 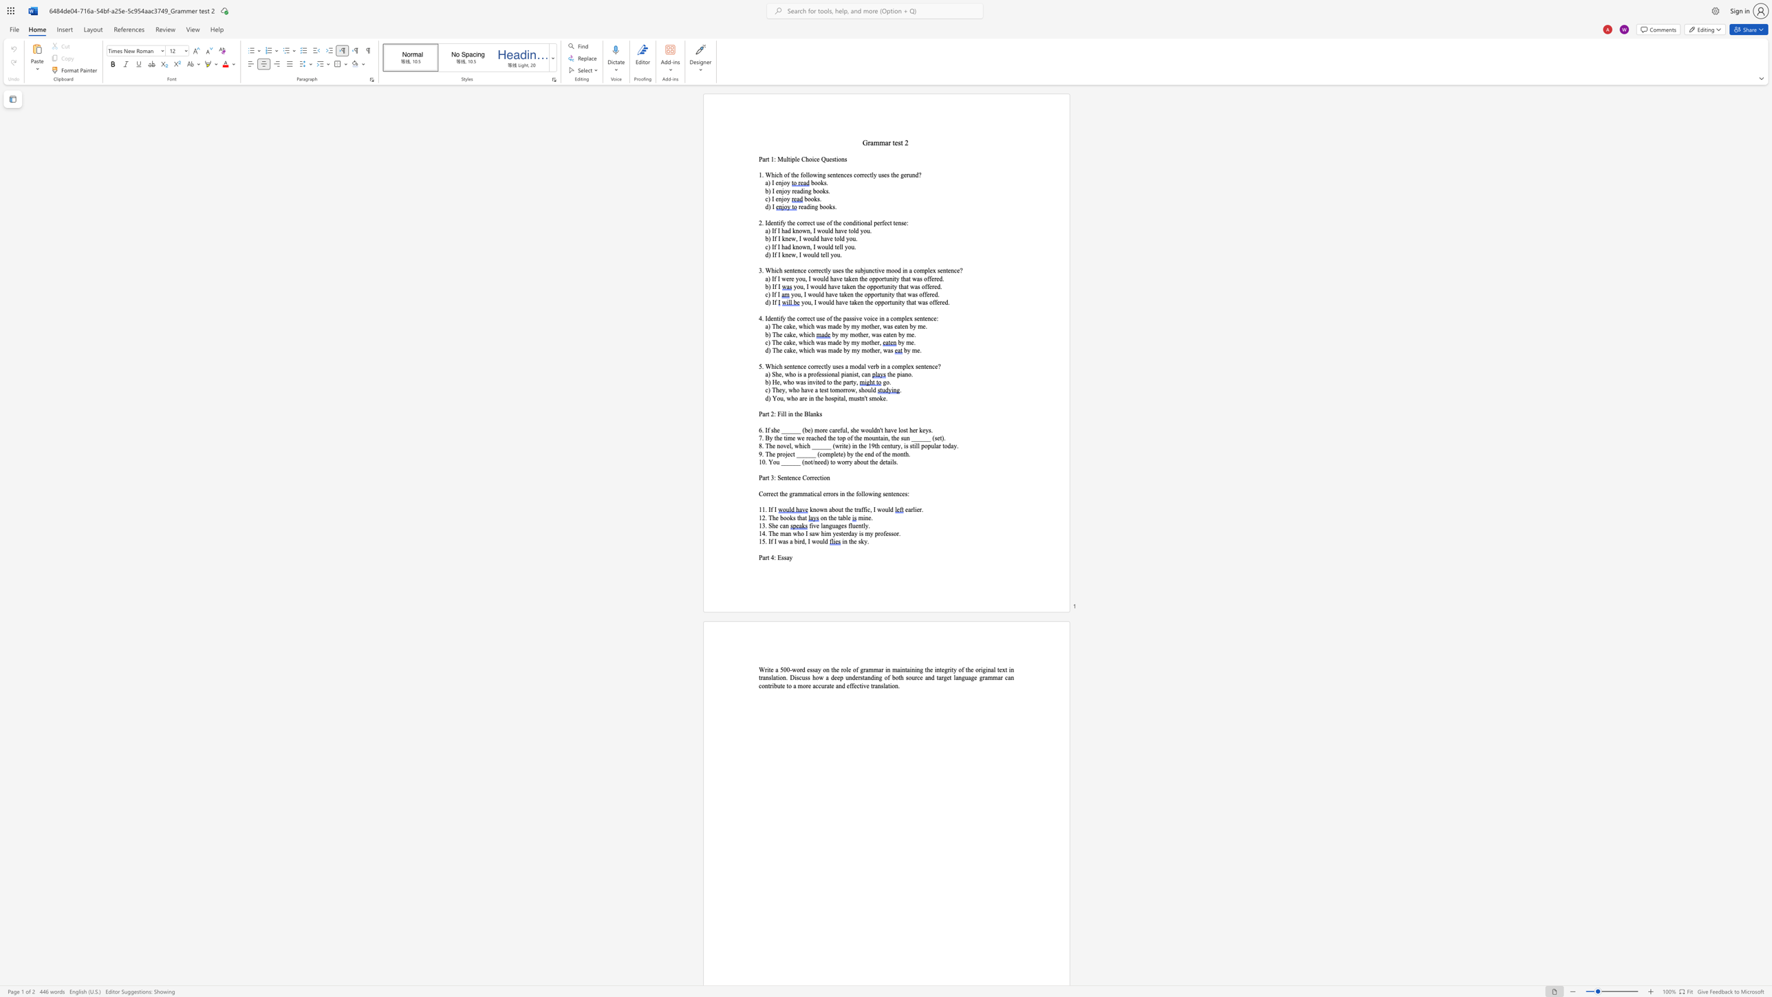 I want to click on the subset text "Corr" within the text "Part 3: Sentence Correction", so click(x=801, y=477).